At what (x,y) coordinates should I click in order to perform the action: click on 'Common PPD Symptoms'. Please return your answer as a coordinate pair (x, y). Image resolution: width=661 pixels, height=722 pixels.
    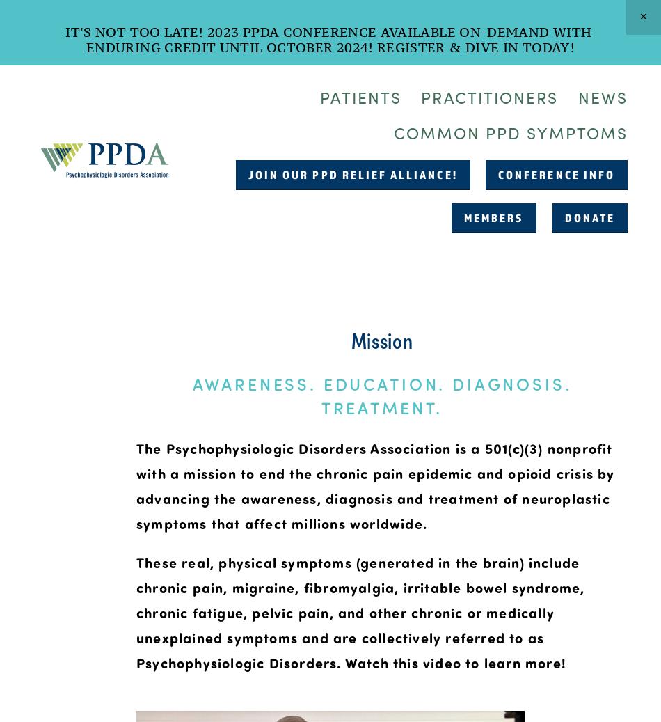
    Looking at the image, I should click on (392, 131).